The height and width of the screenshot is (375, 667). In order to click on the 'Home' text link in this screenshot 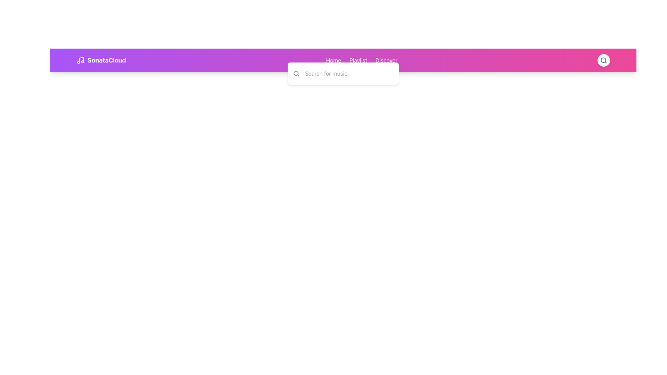, I will do `click(333, 60)`.